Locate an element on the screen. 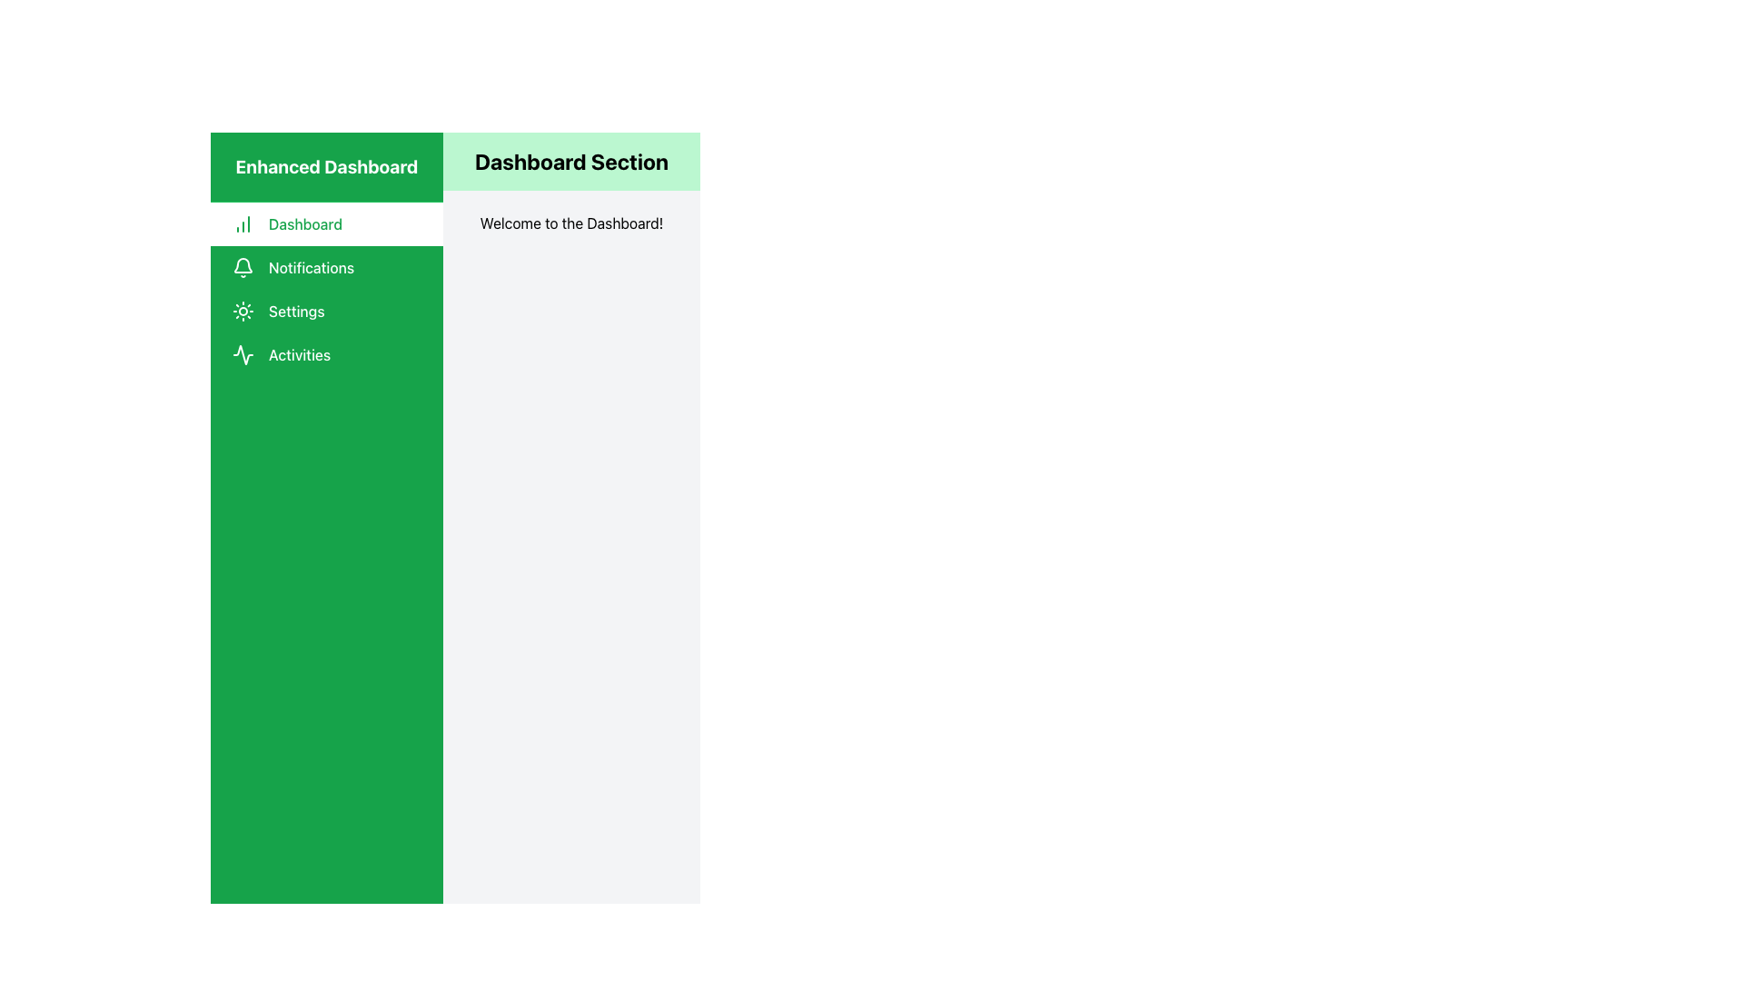 The width and height of the screenshot is (1744, 981). the label that serves as a header for the sidebar in the main interface, located at the top of the left sidebar with a green background is located at coordinates (327, 167).